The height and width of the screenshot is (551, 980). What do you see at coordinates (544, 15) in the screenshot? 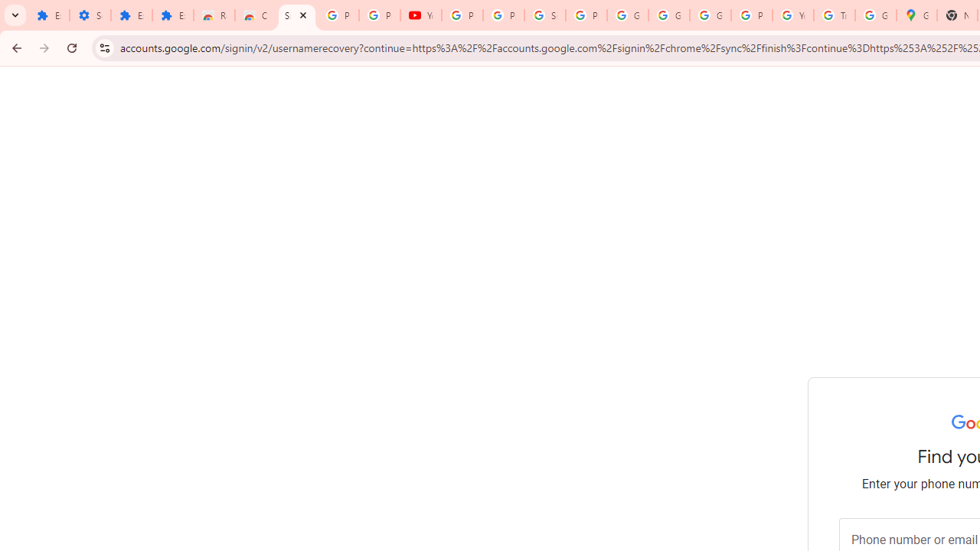
I see `'Sign in - Google Accounts'` at bounding box center [544, 15].